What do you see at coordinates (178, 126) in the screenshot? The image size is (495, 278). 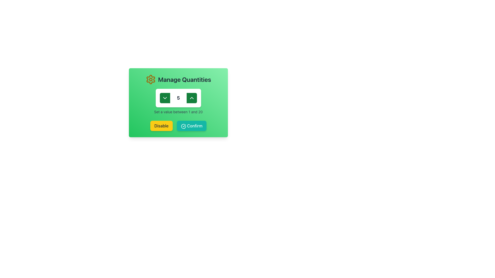 I see `the 'Confirm' button located at the bottom of the green card interface titled 'Manage Quantities', which follows a numeric input section labeled 'Set a value between 1 and 20'` at bounding box center [178, 126].